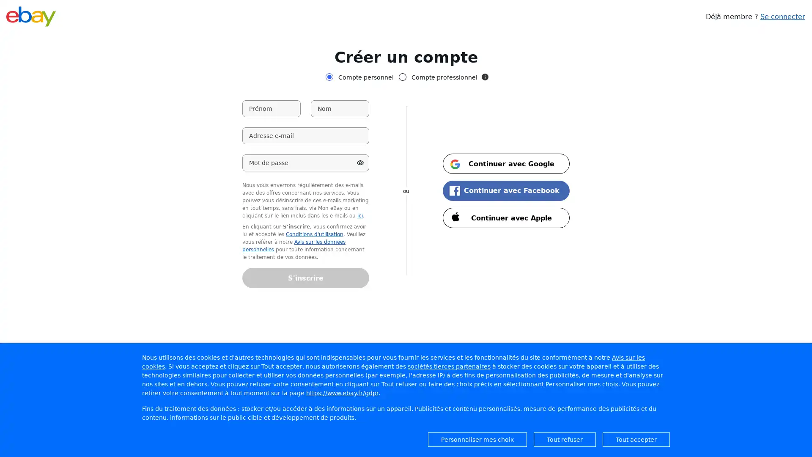 The width and height of the screenshot is (812, 457). Describe the element at coordinates (485, 77) in the screenshot. I see `Aide sur le compte professionnel` at that location.